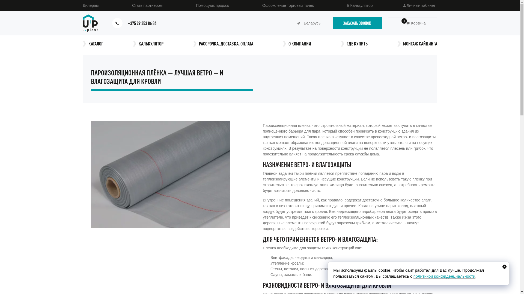 The width and height of the screenshot is (524, 294). I want to click on 'x', so click(504, 266).